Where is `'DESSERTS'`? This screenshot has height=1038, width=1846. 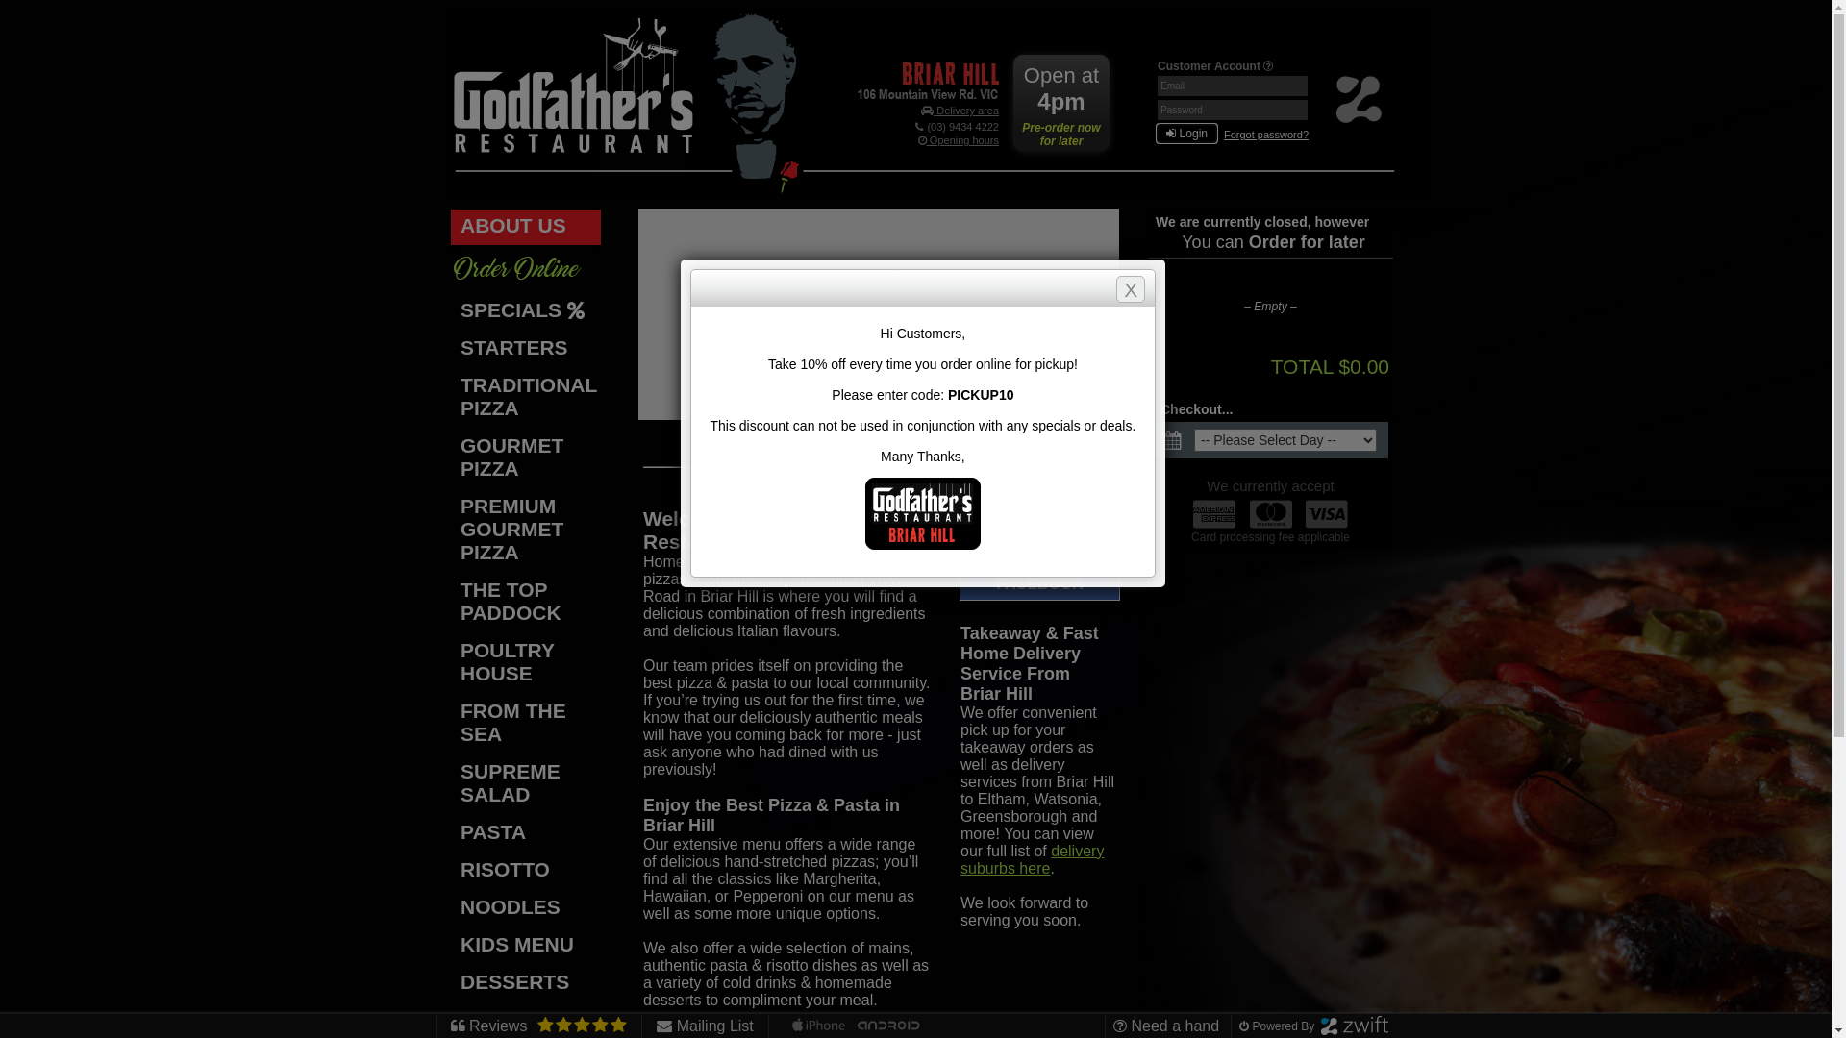
'DESSERTS' is located at coordinates (526, 983).